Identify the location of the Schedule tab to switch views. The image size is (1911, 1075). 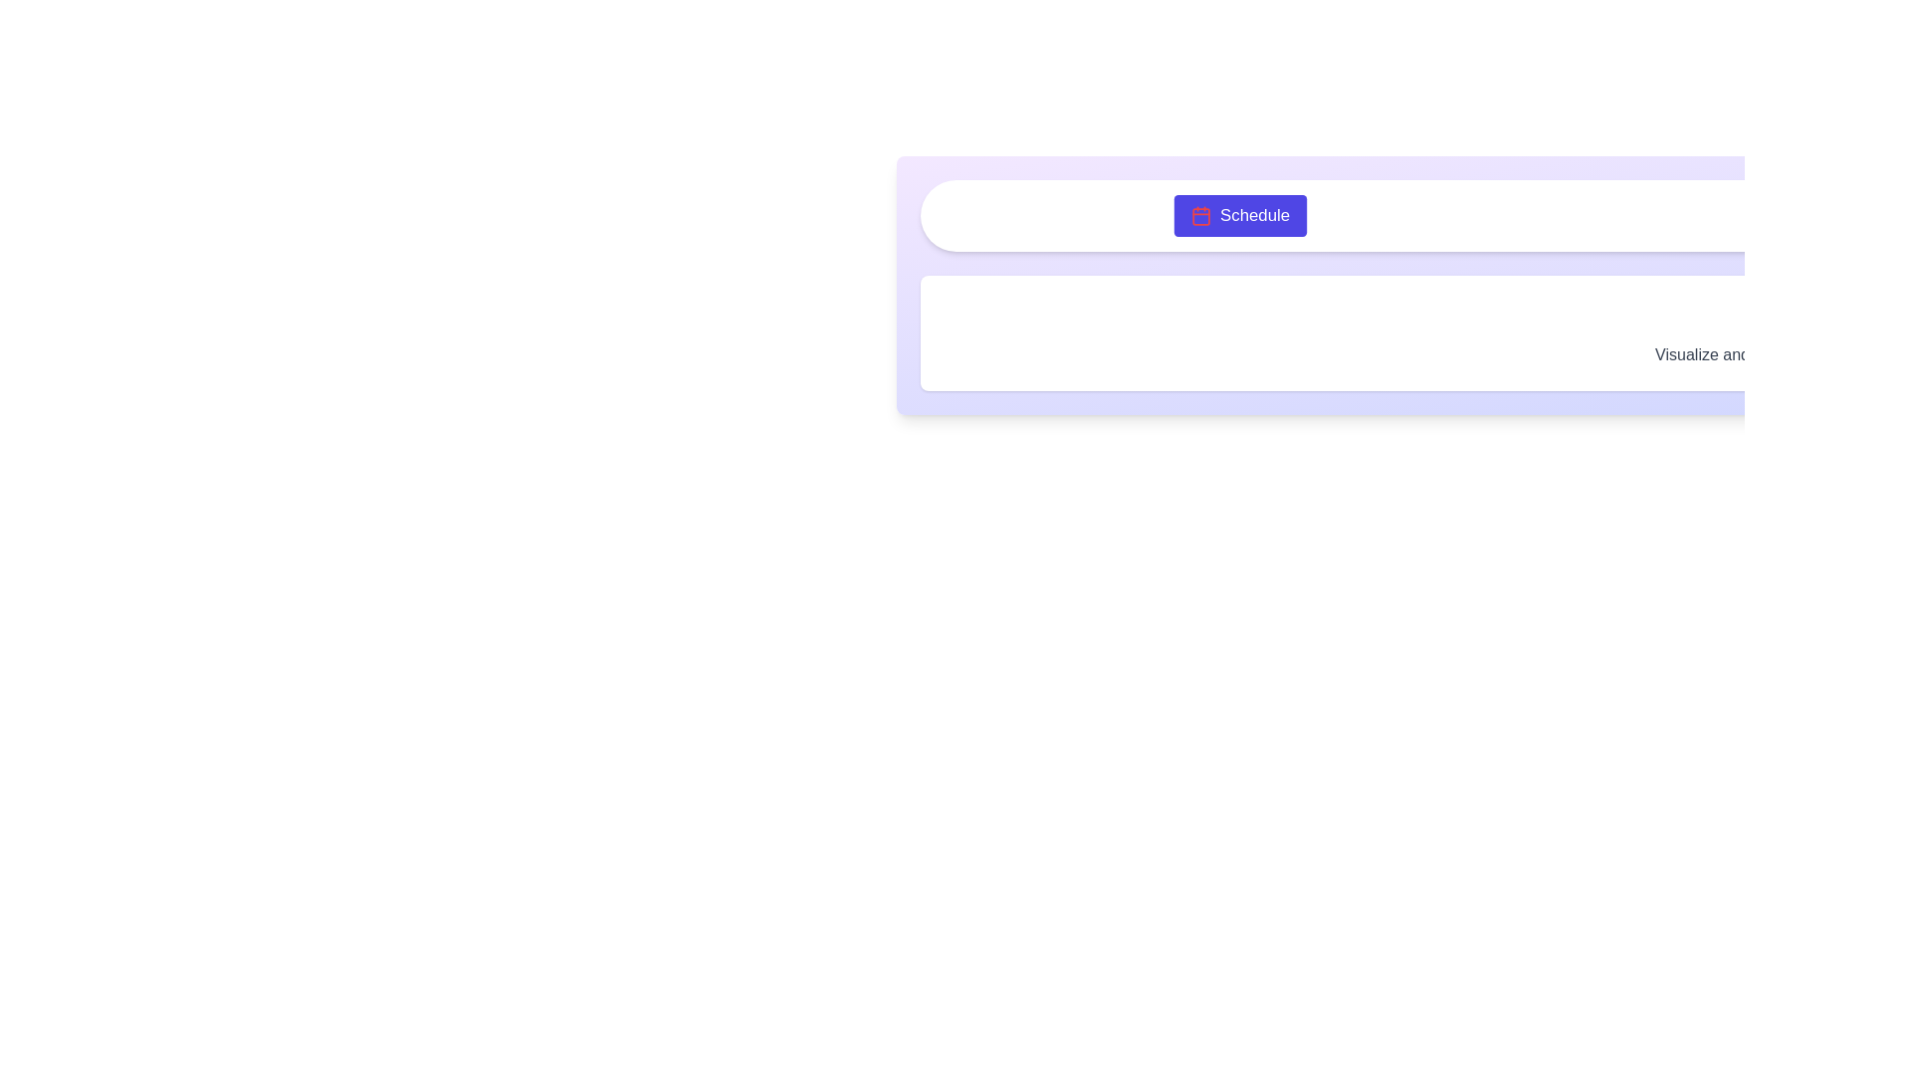
(1238, 215).